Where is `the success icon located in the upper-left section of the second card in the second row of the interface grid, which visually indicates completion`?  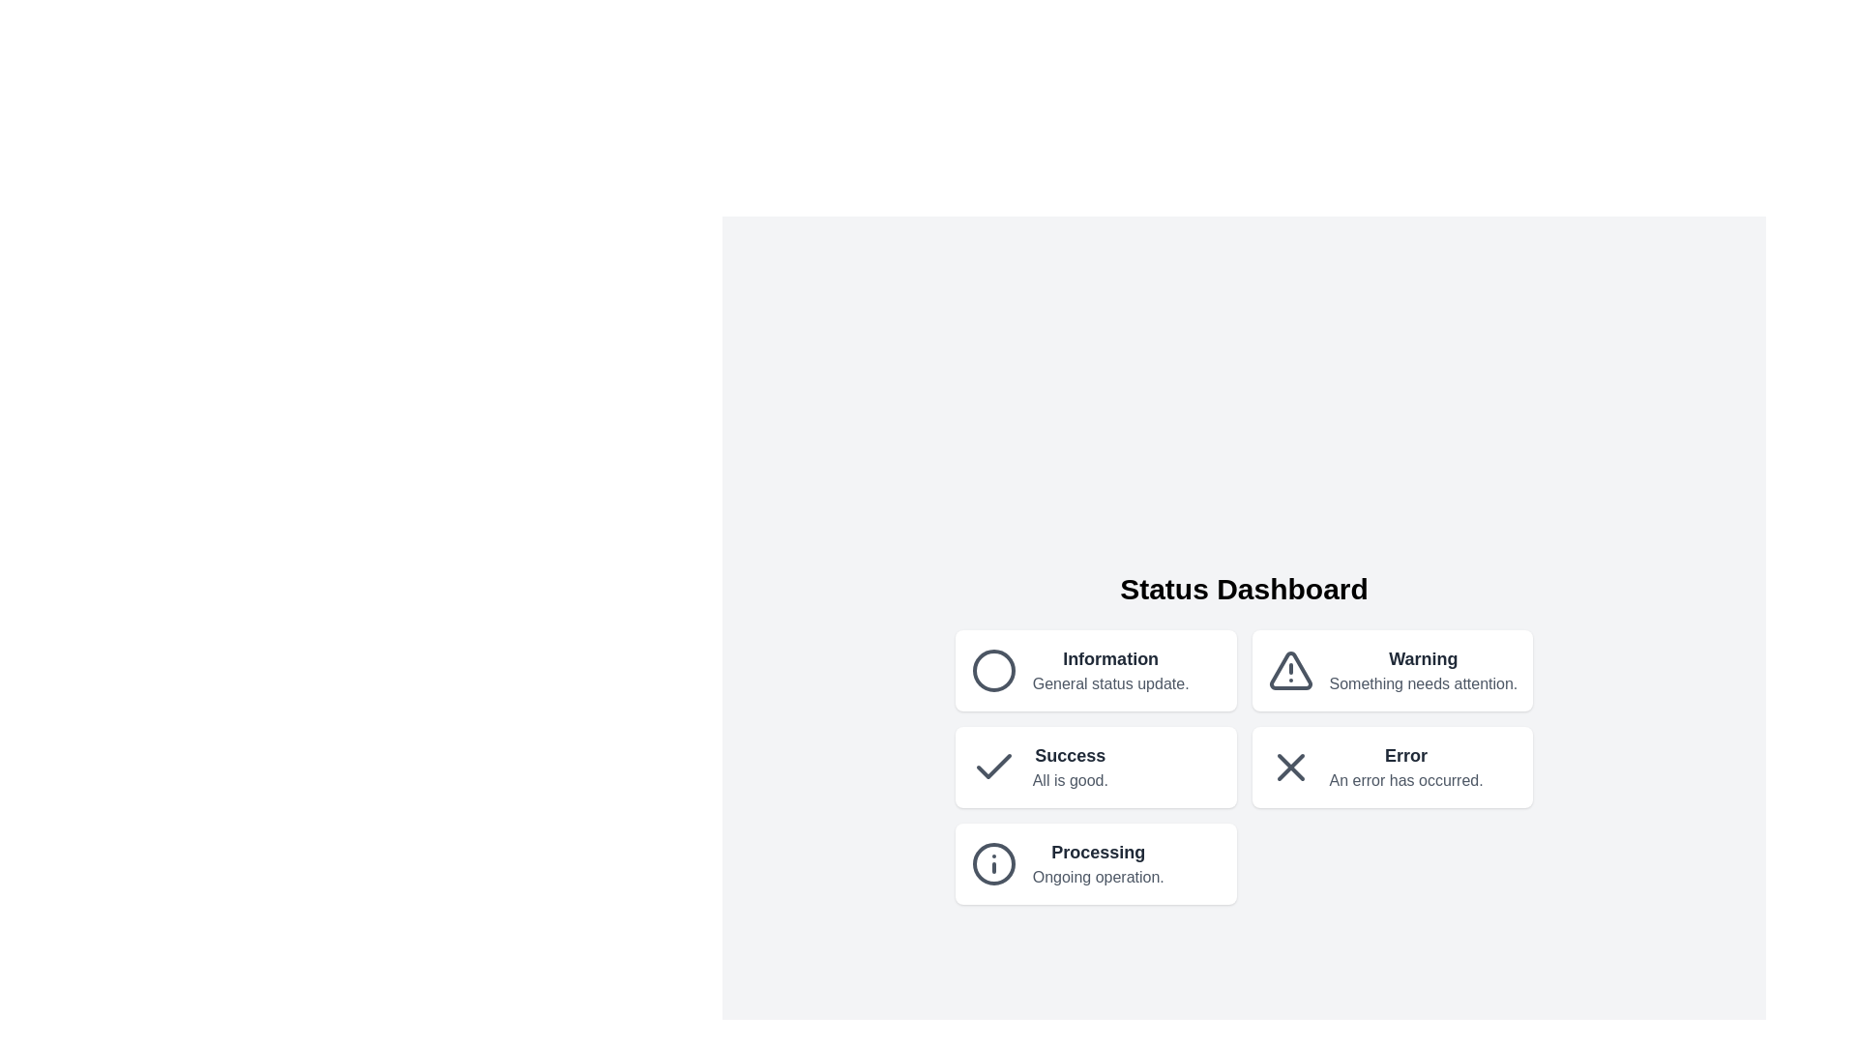
the success icon located in the upper-left section of the second card in the second row of the interface grid, which visually indicates completion is located at coordinates (993, 767).